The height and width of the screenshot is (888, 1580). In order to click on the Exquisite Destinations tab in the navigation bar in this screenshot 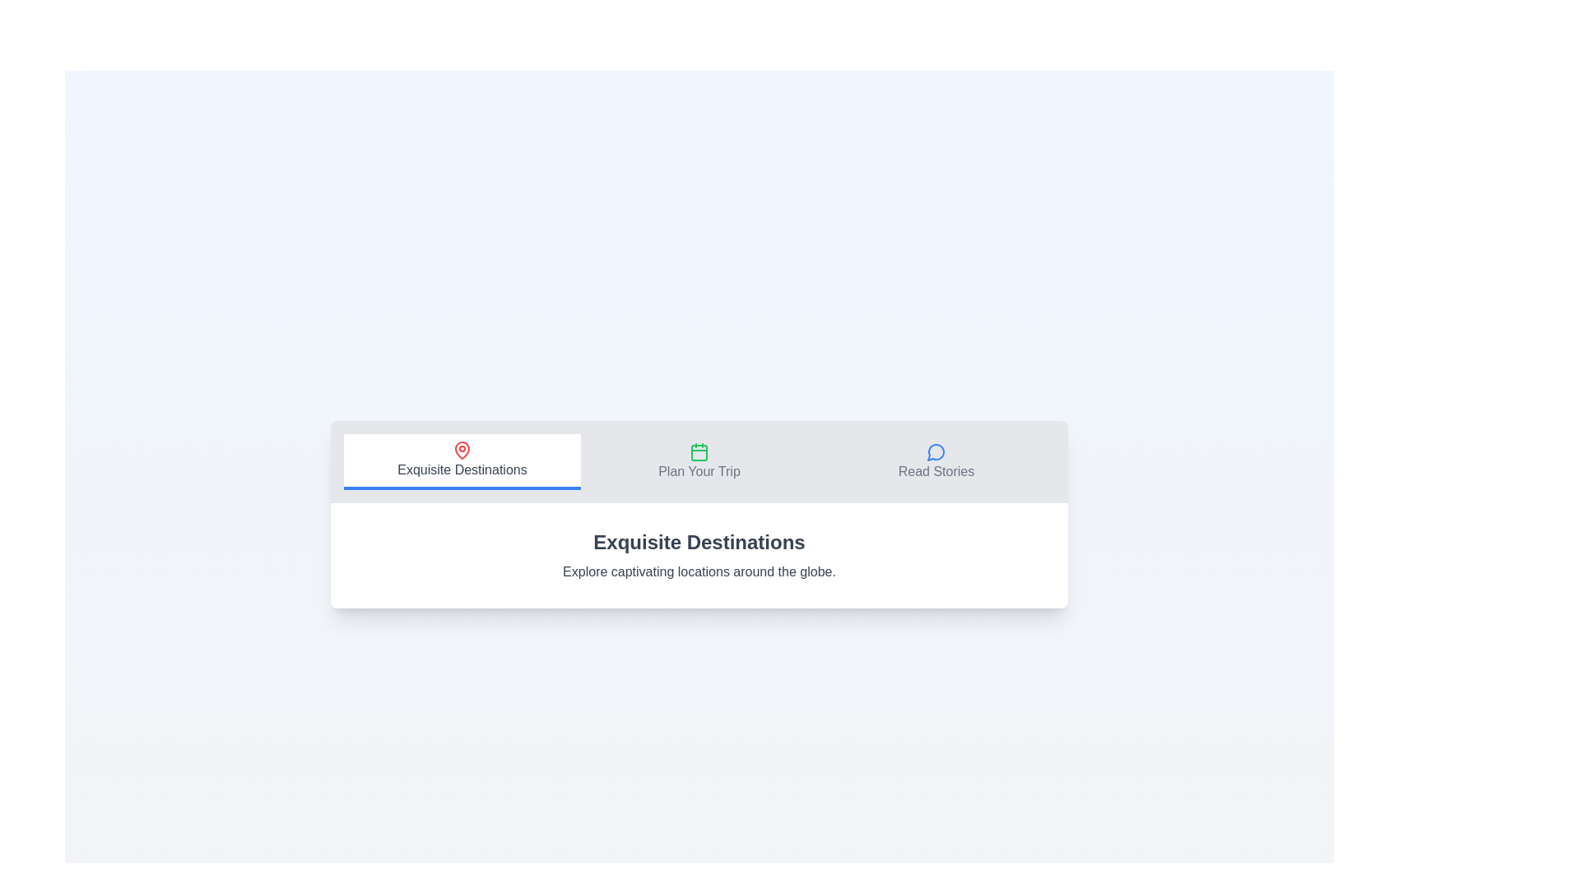, I will do `click(461, 462)`.